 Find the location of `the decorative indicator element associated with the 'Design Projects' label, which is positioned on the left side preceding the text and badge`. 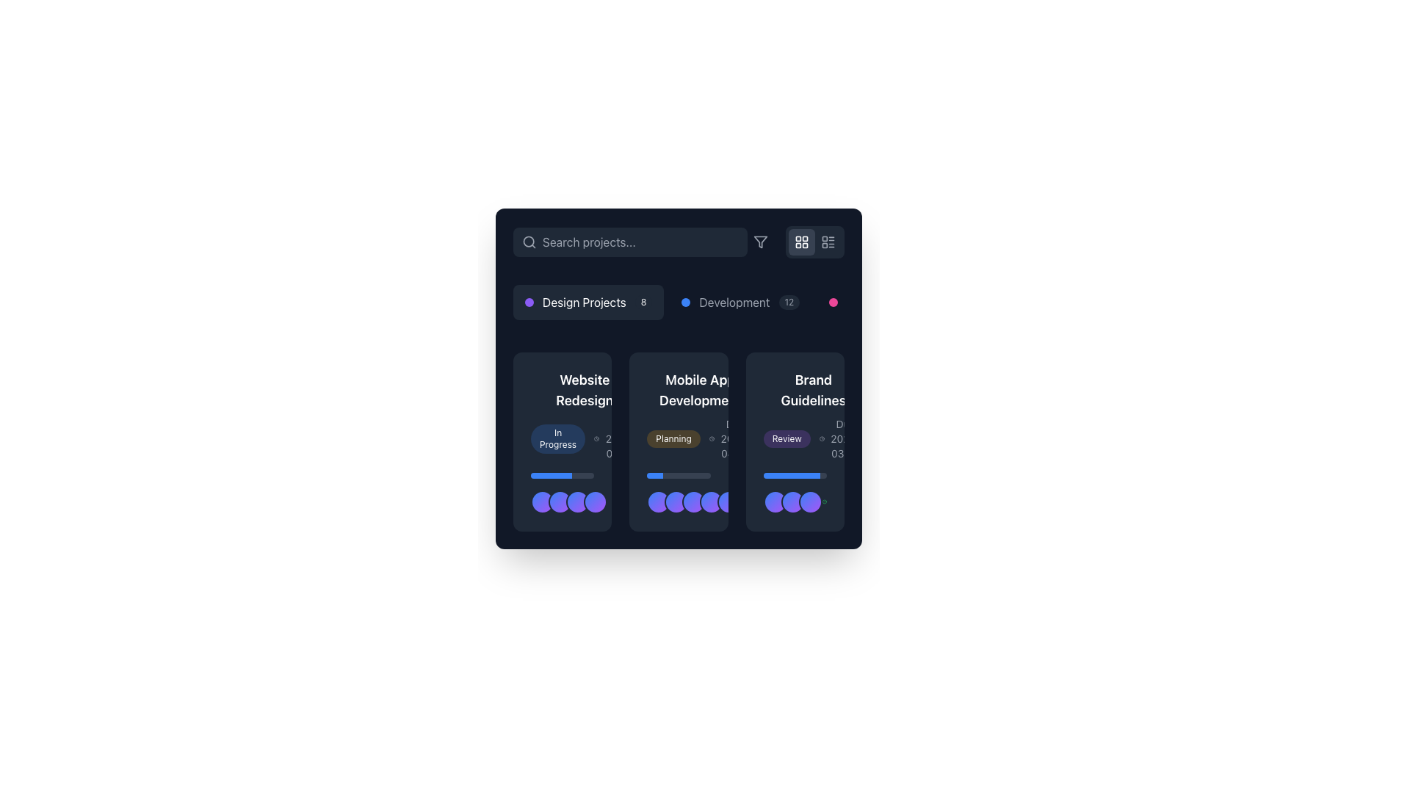

the decorative indicator element associated with the 'Design Projects' label, which is positioned on the left side preceding the text and badge is located at coordinates (529, 302).